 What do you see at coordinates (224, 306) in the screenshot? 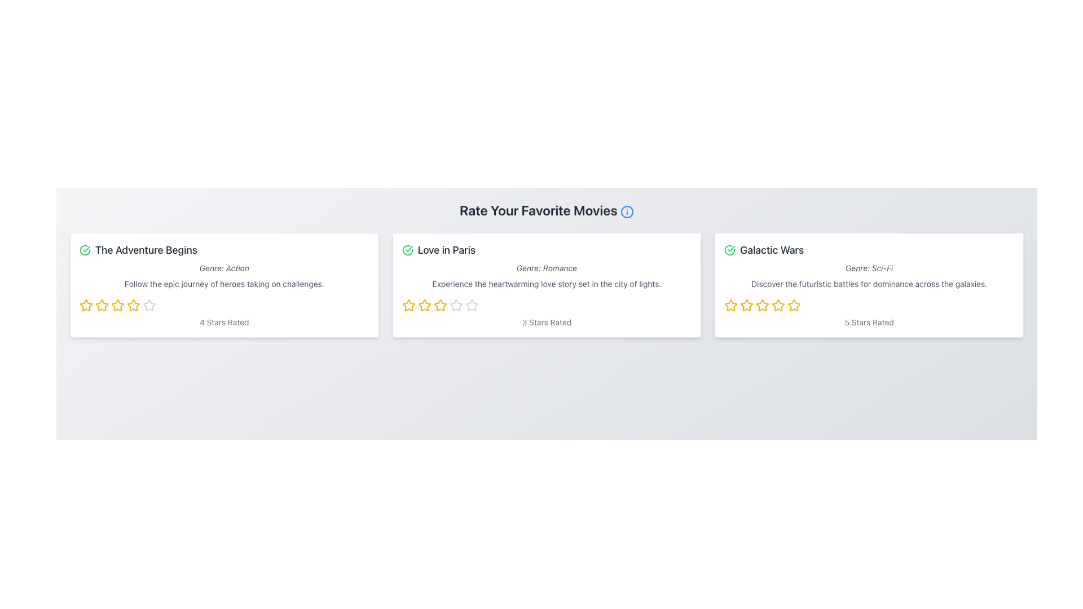
I see `the visual representation of the rating indicator consisting of five star icons, four filled in yellow and one outlined in gray, located in the card titled 'The Adventure Begins' above the text '4 Stars Rated.'` at bounding box center [224, 306].